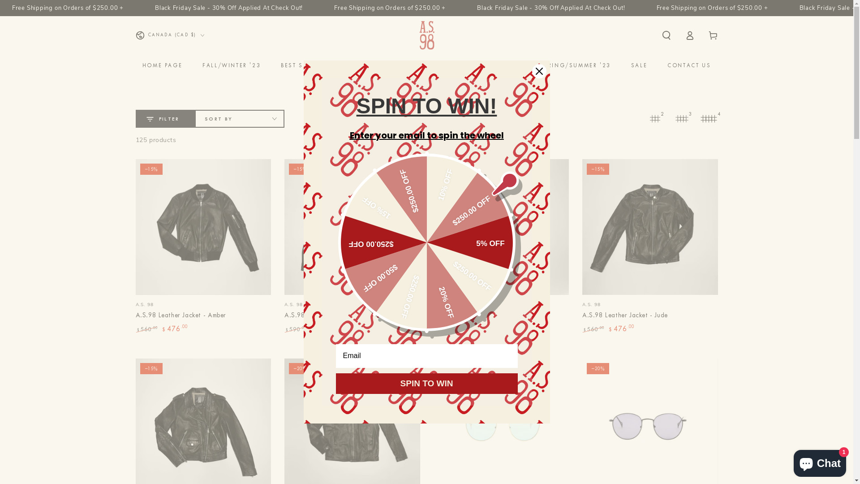  Describe the element at coordinates (820, 461) in the screenshot. I see `'Shopify online store chat'` at that location.